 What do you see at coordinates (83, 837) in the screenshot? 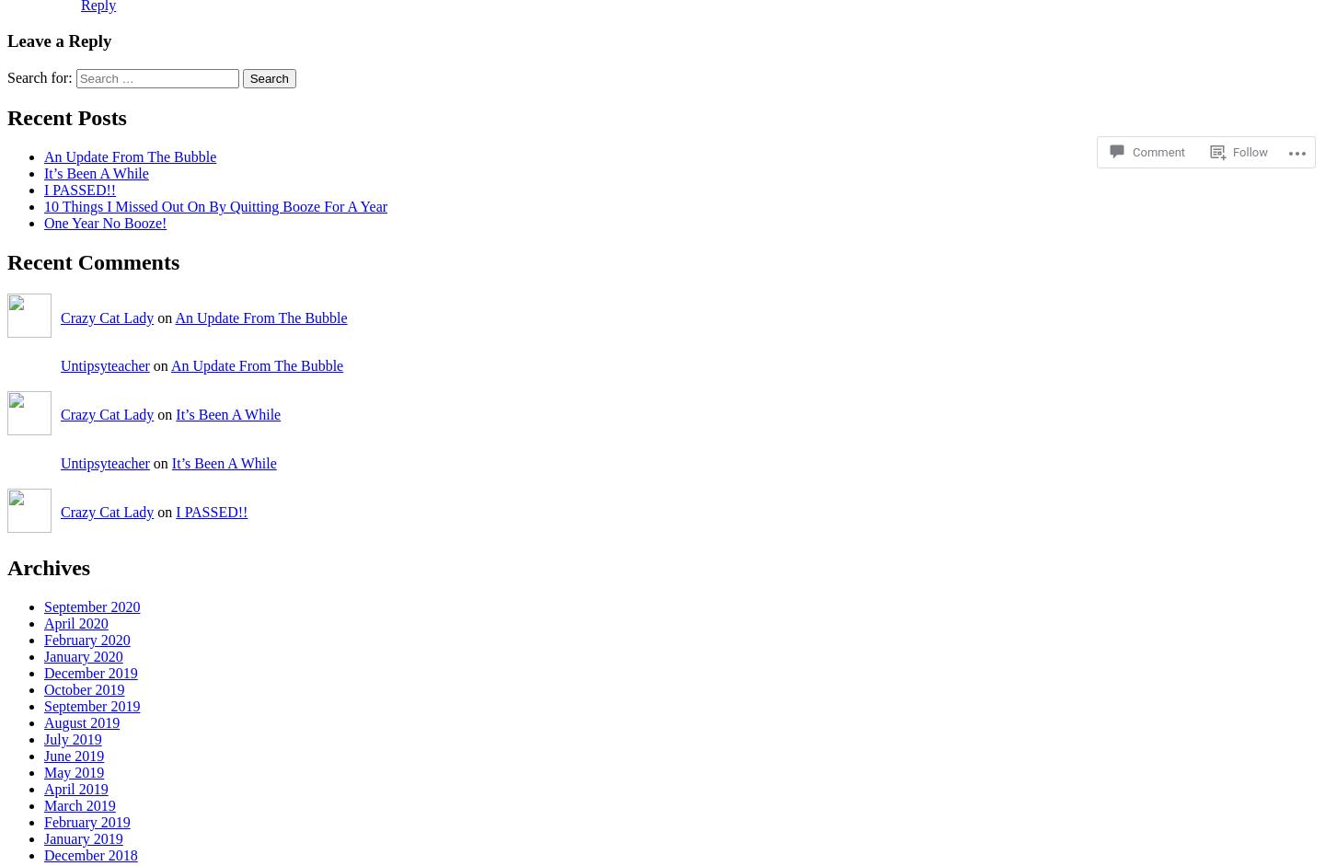
I see `'January 2019'` at bounding box center [83, 837].